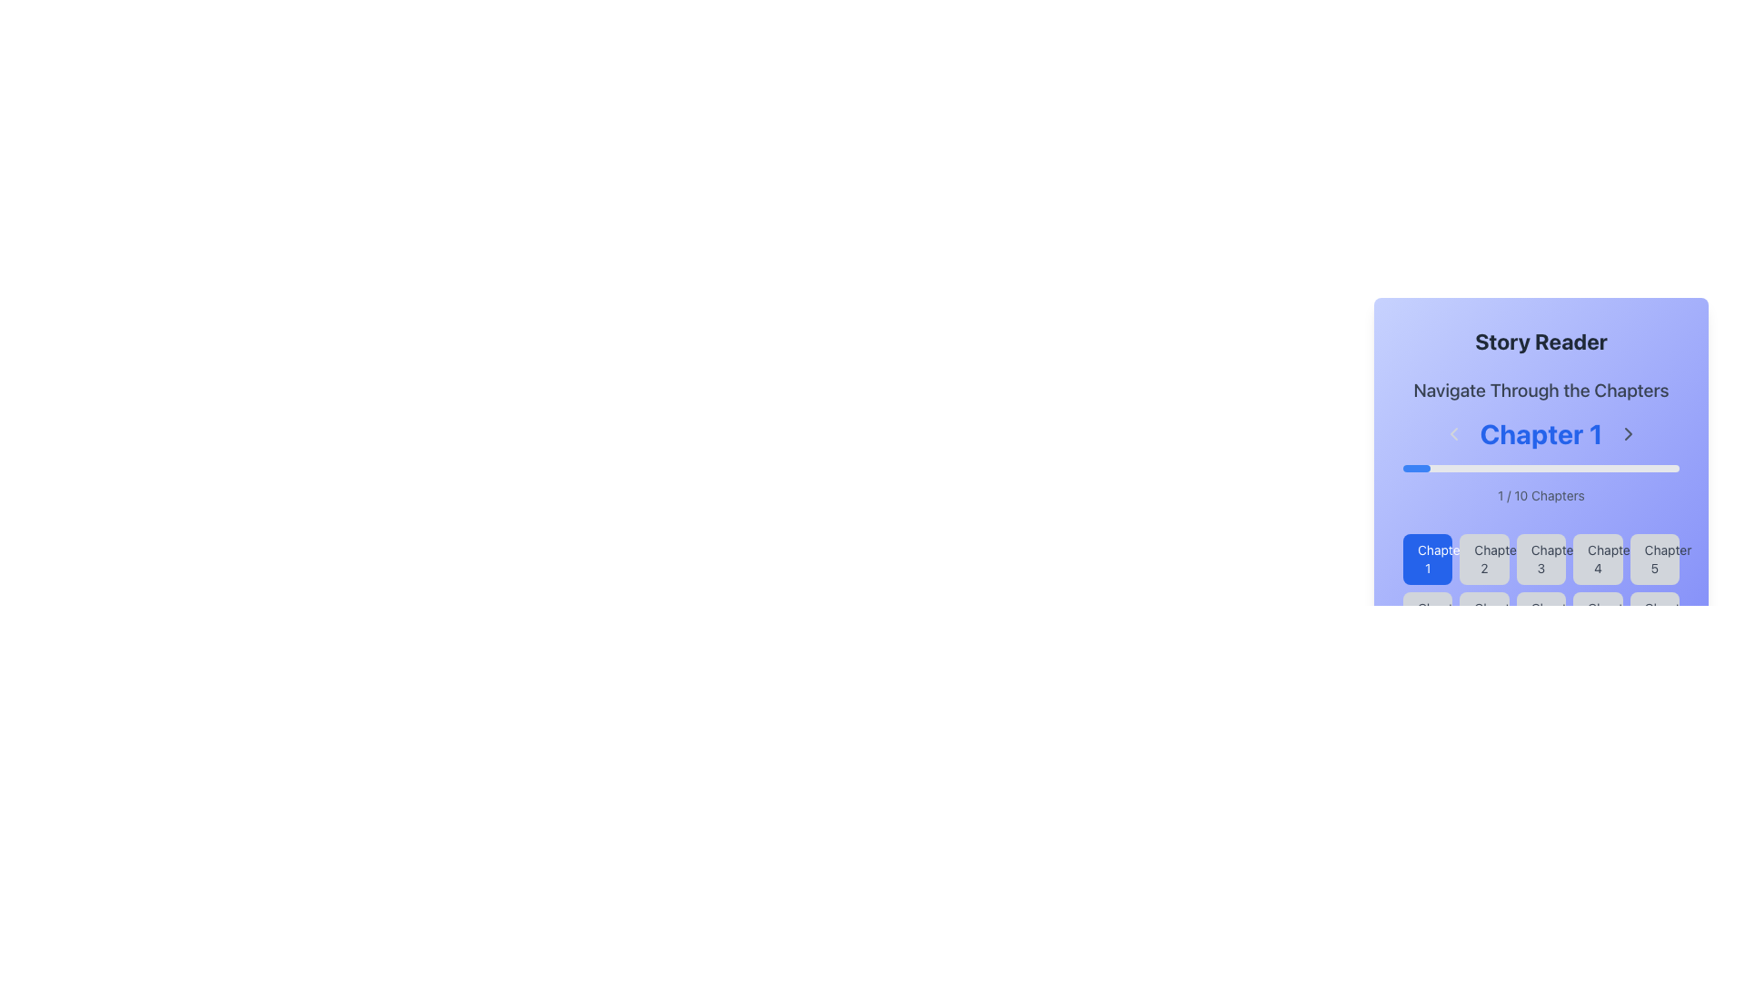 This screenshot has height=981, width=1745. What do you see at coordinates (1416, 468) in the screenshot?
I see `progress indicator that shows 10% progress as a filled blue bar, located at the left edge of the overall progress bar` at bounding box center [1416, 468].